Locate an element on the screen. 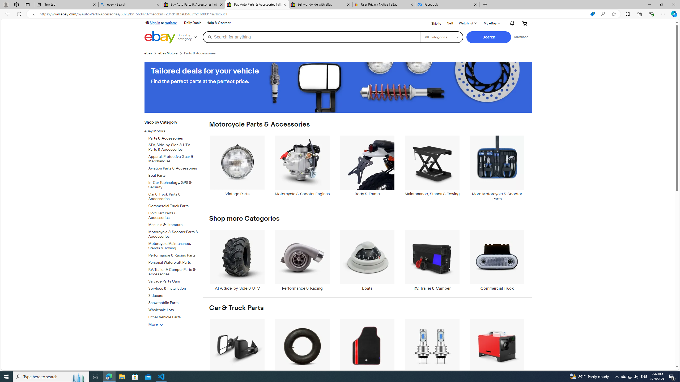 Image resolution: width=680 pixels, height=382 pixels. 'Help & Contact' is located at coordinates (218, 23).